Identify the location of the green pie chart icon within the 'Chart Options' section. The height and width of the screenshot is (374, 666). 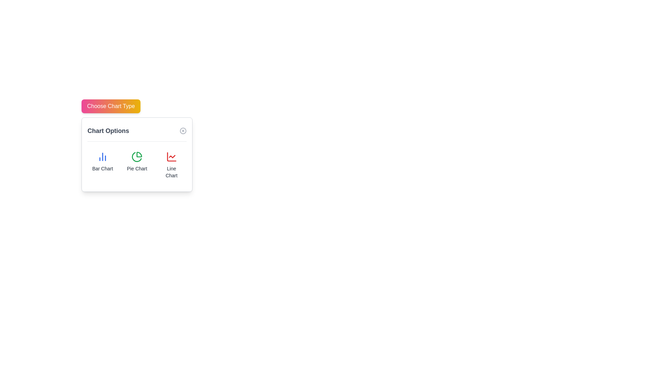
(137, 157).